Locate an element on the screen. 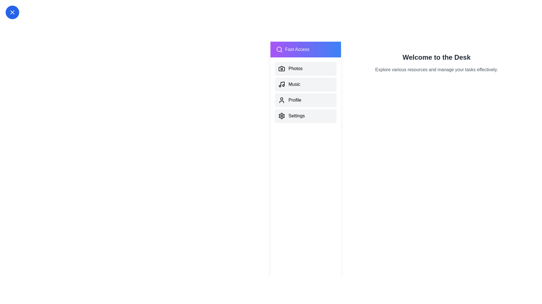  the drawer item labeled Profile is located at coordinates (305, 100).